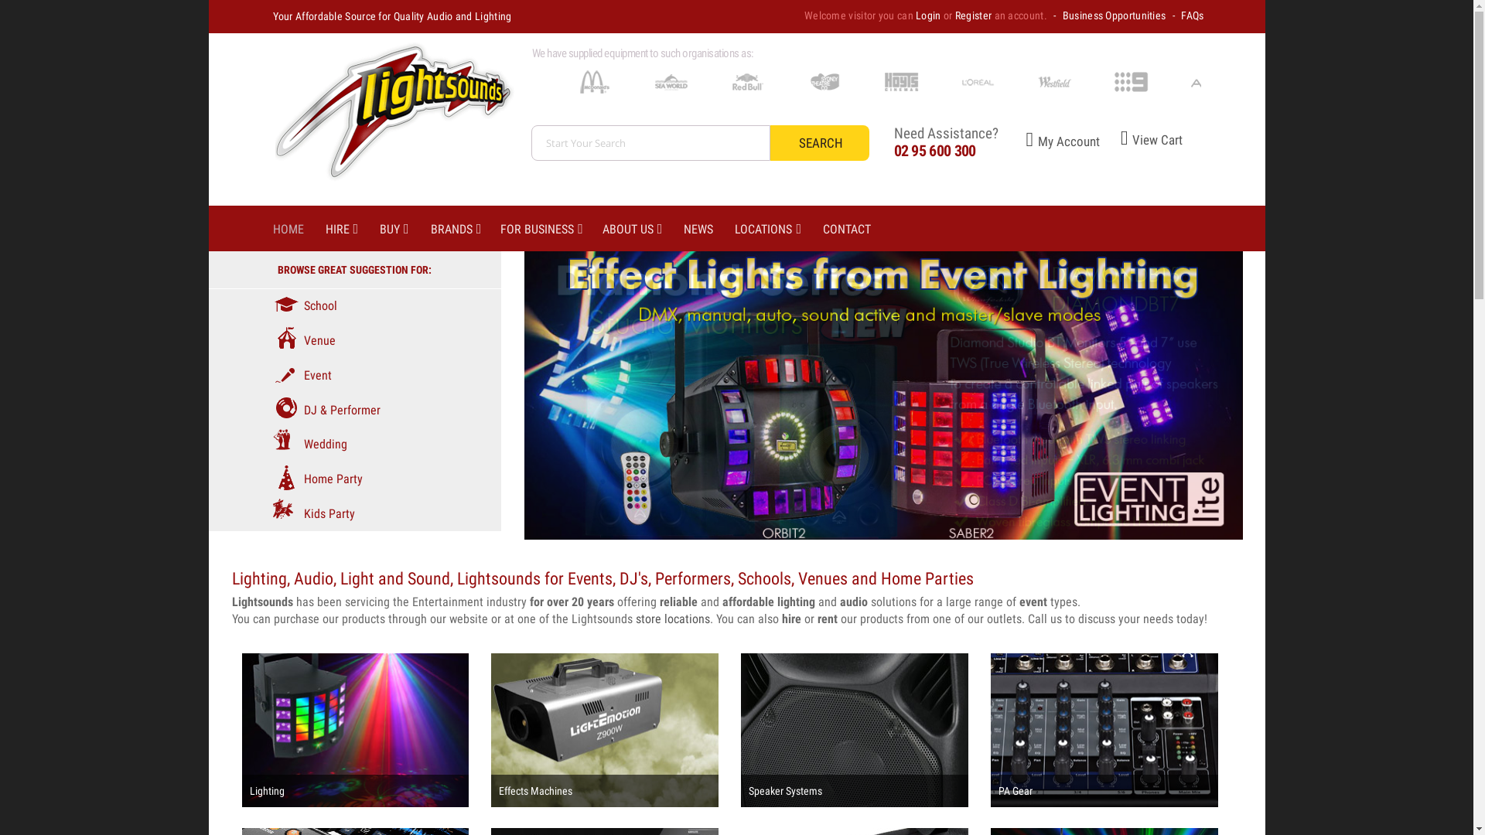 This screenshot has height=835, width=1485. Describe the element at coordinates (998, 141) in the screenshot. I see `'My Account'` at that location.